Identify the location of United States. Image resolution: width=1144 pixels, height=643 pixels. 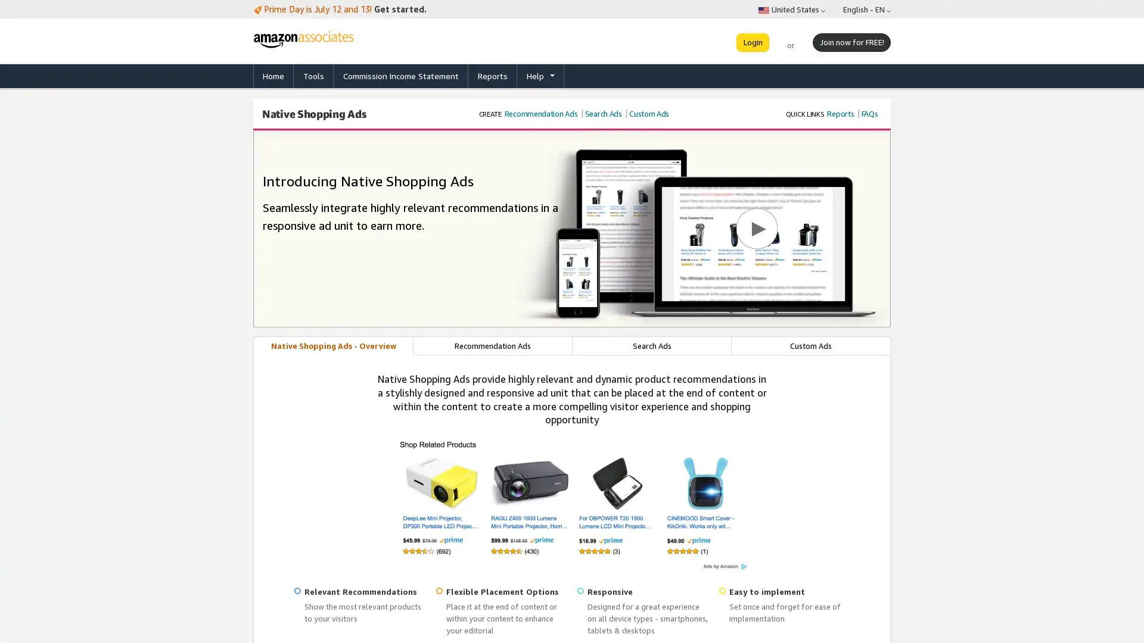
(791, 9).